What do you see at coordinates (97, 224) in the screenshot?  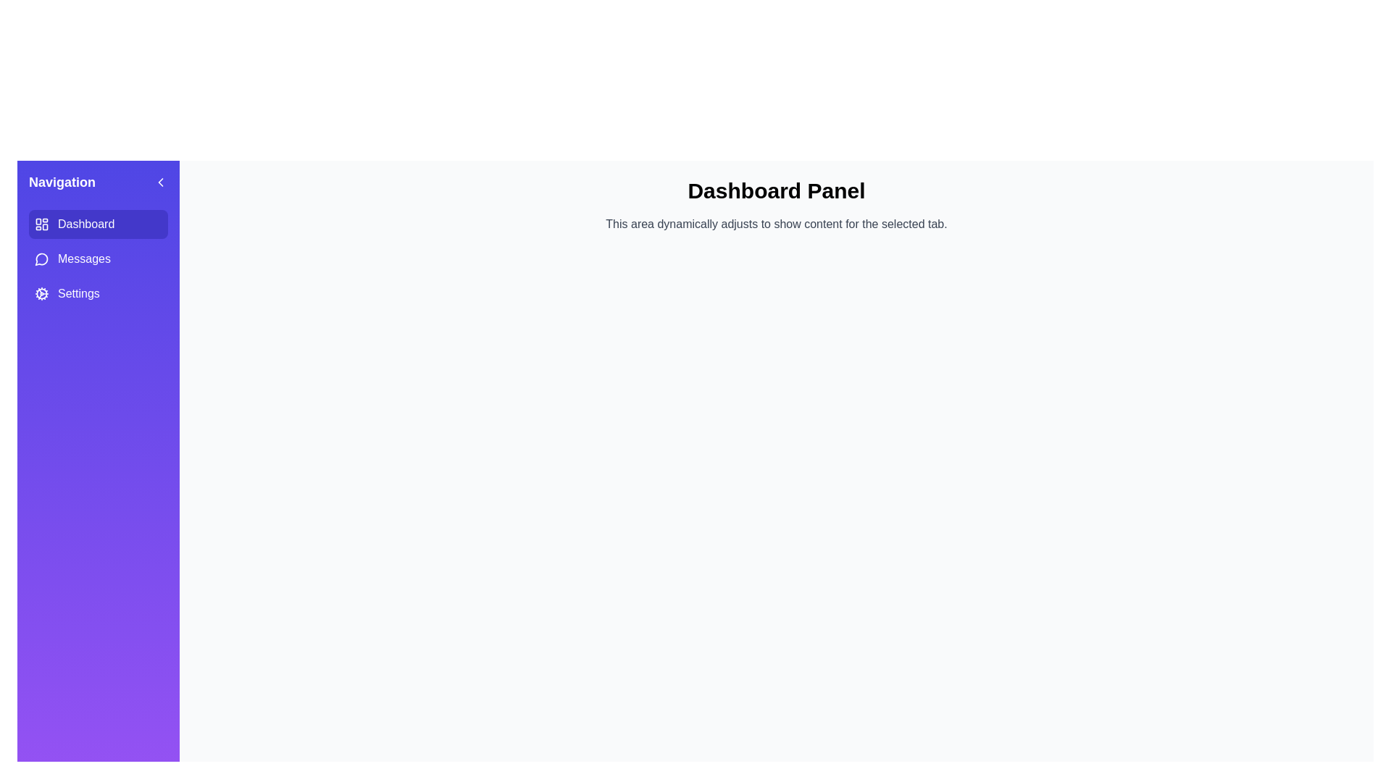 I see `the tab labeled Dashboard in the navigation drawer` at bounding box center [97, 224].